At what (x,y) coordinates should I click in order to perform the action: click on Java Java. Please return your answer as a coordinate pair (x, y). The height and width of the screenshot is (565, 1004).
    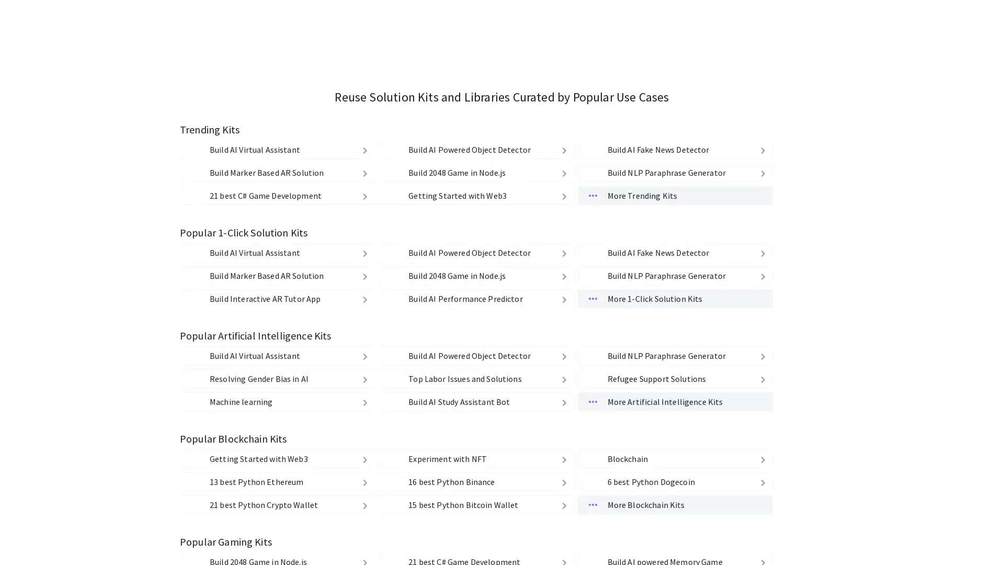
    Looking at the image, I should click on (255, 262).